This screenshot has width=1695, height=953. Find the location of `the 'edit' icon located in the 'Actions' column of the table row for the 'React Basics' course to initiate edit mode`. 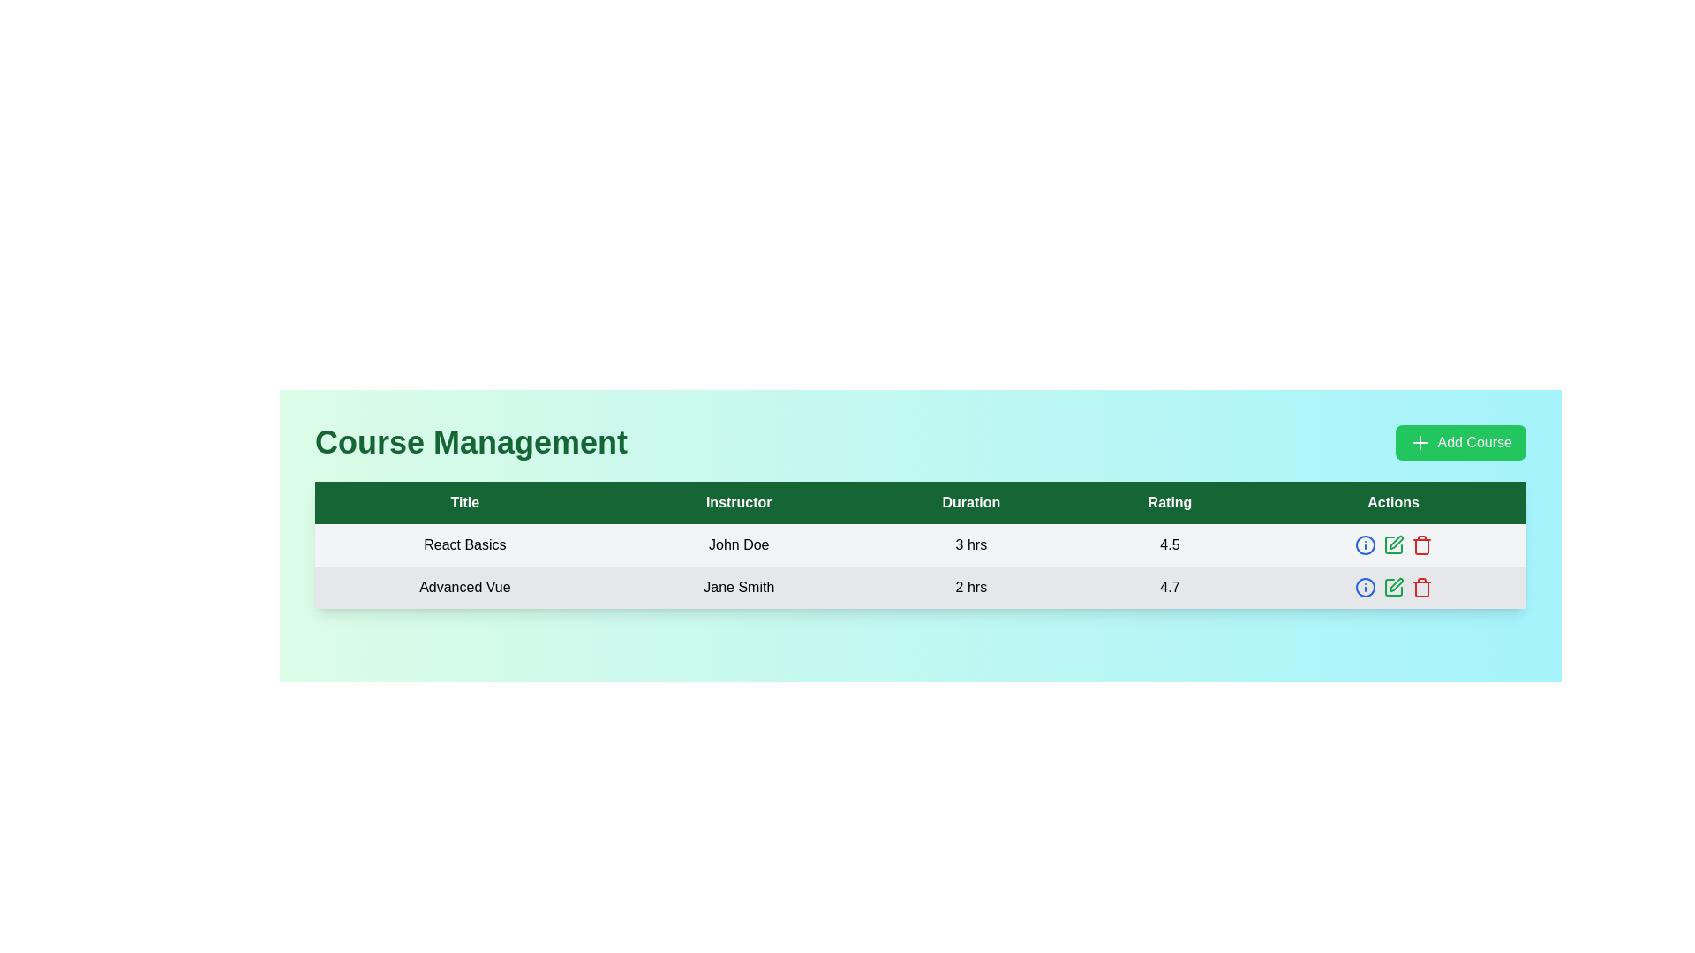

the 'edit' icon located in the 'Actions' column of the table row for the 'React Basics' course to initiate edit mode is located at coordinates (1395, 585).